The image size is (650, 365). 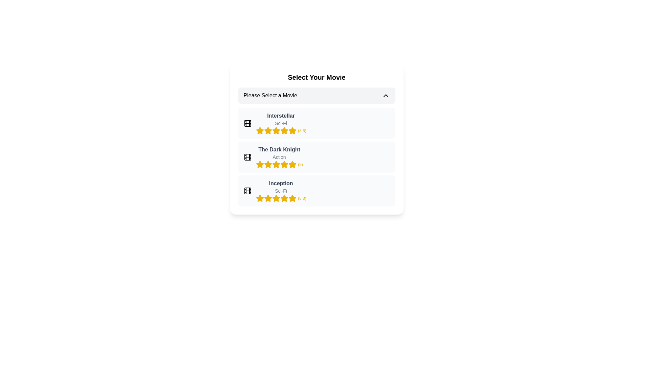 What do you see at coordinates (279, 164) in the screenshot?
I see `the Rating display component for the movie 'The Dark Knight', which consists of five yellow stars and a numeric rating '(9)' displayed to the right` at bounding box center [279, 164].